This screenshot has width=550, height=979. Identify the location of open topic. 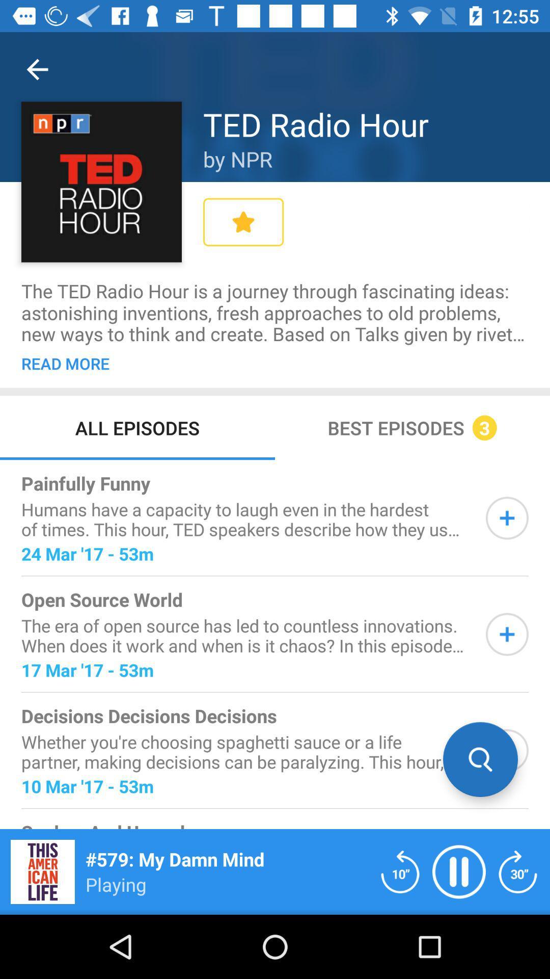
(507, 751).